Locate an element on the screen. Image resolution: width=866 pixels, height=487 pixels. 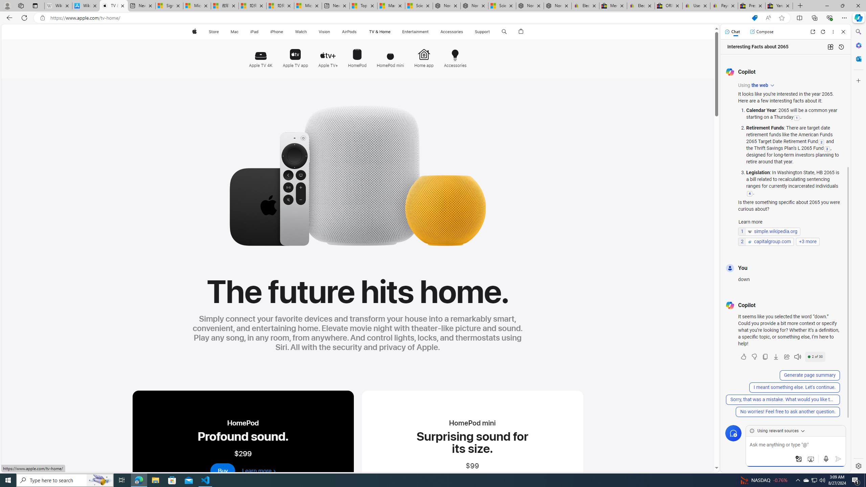
'HomePod mini' is located at coordinates (390, 55).